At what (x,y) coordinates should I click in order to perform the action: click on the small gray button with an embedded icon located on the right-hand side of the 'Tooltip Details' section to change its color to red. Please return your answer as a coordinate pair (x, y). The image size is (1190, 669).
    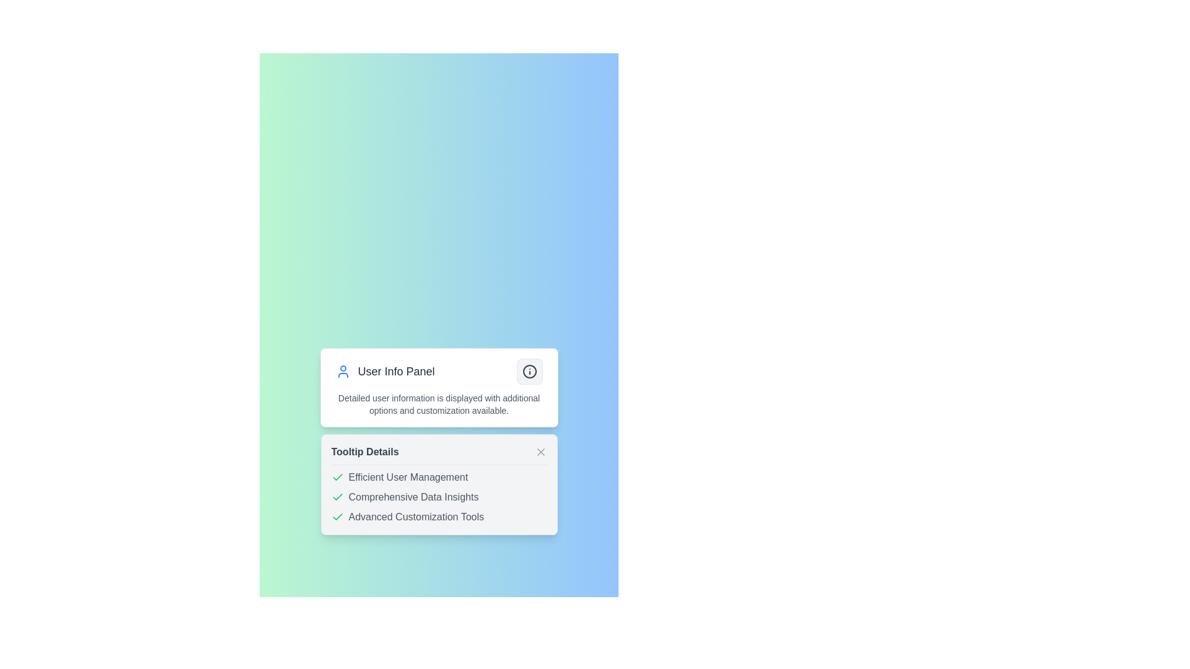
    Looking at the image, I should click on (540, 452).